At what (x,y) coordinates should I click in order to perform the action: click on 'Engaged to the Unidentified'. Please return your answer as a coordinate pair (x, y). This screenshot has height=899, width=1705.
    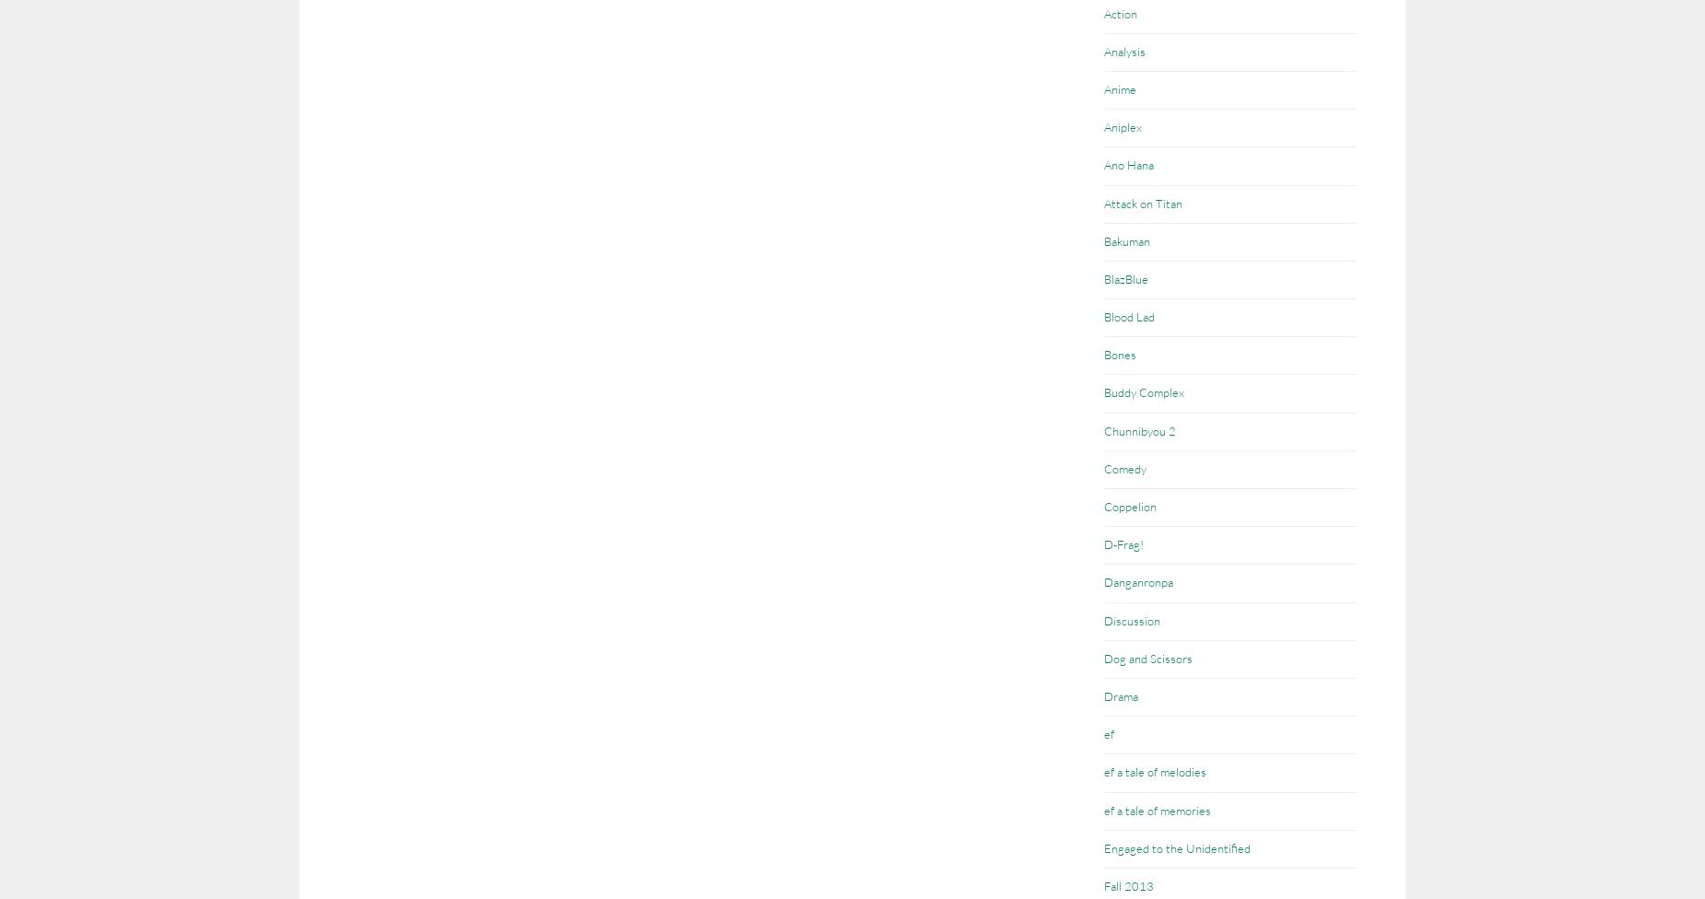
    Looking at the image, I should click on (1176, 846).